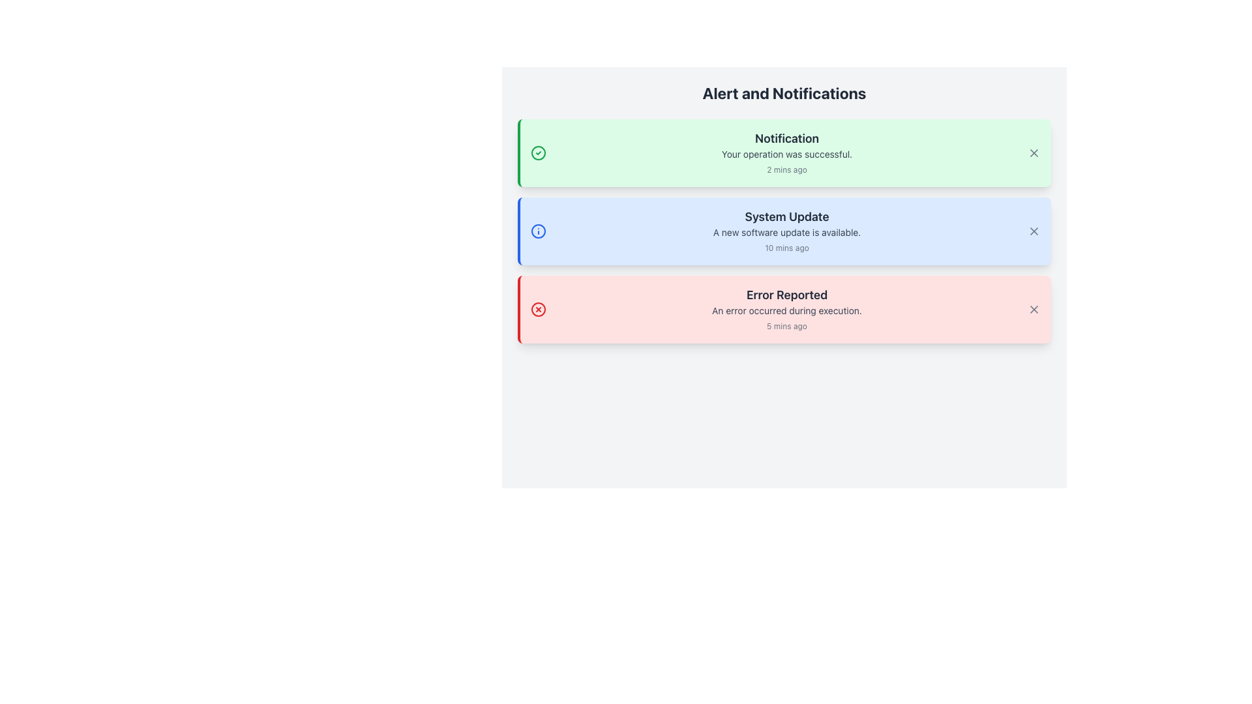 This screenshot has width=1252, height=704. What do you see at coordinates (786, 230) in the screenshot?
I see `notification message displayed in the central message box of the notification panel, which indicates 'A new software update is available.'` at bounding box center [786, 230].